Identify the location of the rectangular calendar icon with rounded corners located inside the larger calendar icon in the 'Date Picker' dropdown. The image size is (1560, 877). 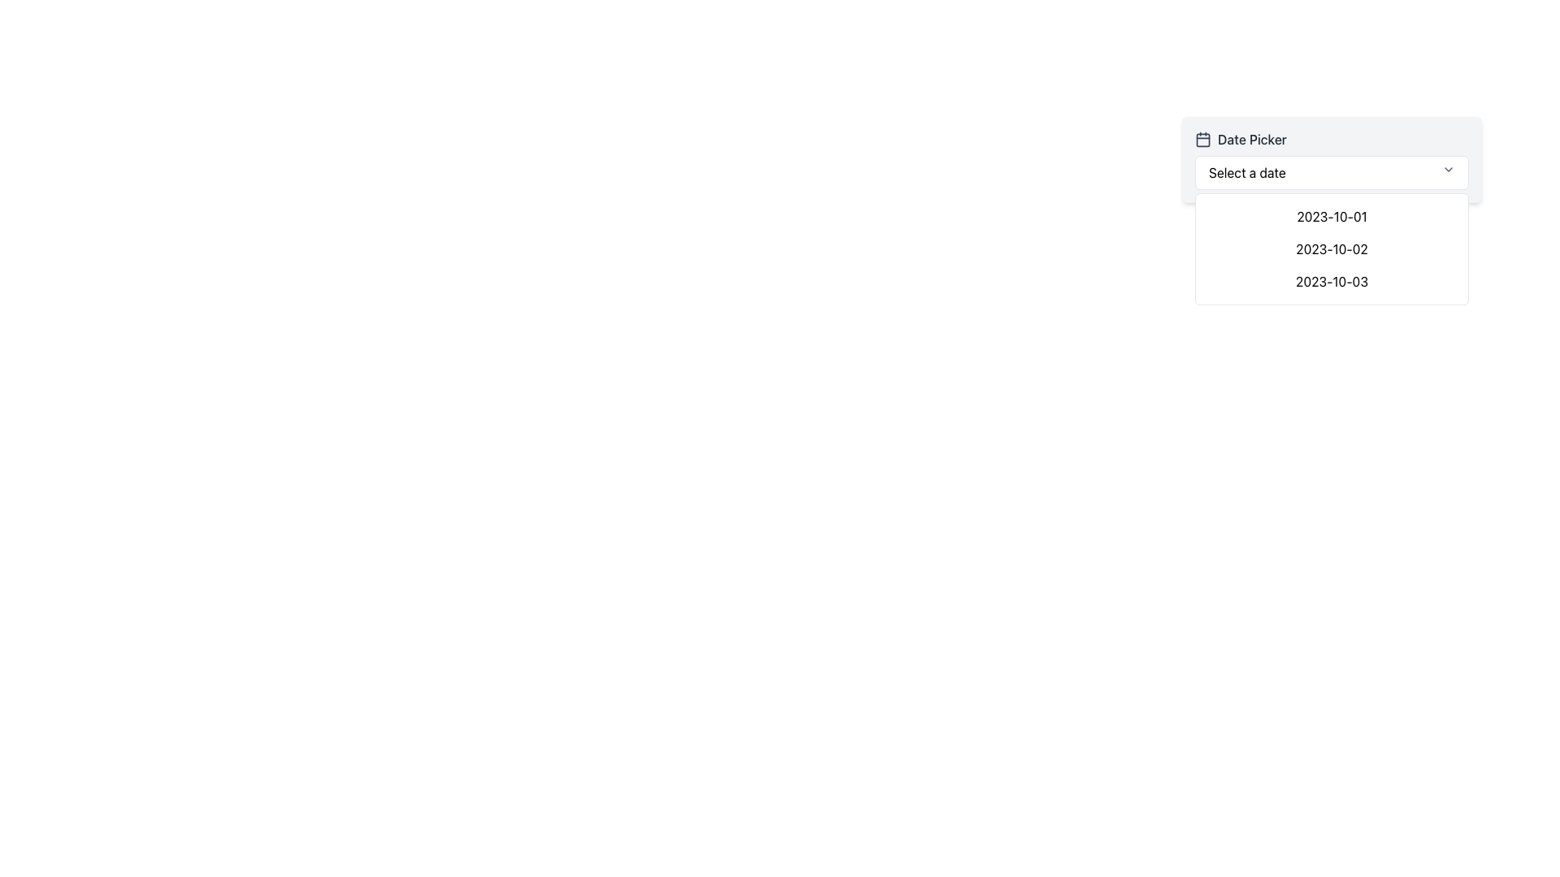
(1203, 139).